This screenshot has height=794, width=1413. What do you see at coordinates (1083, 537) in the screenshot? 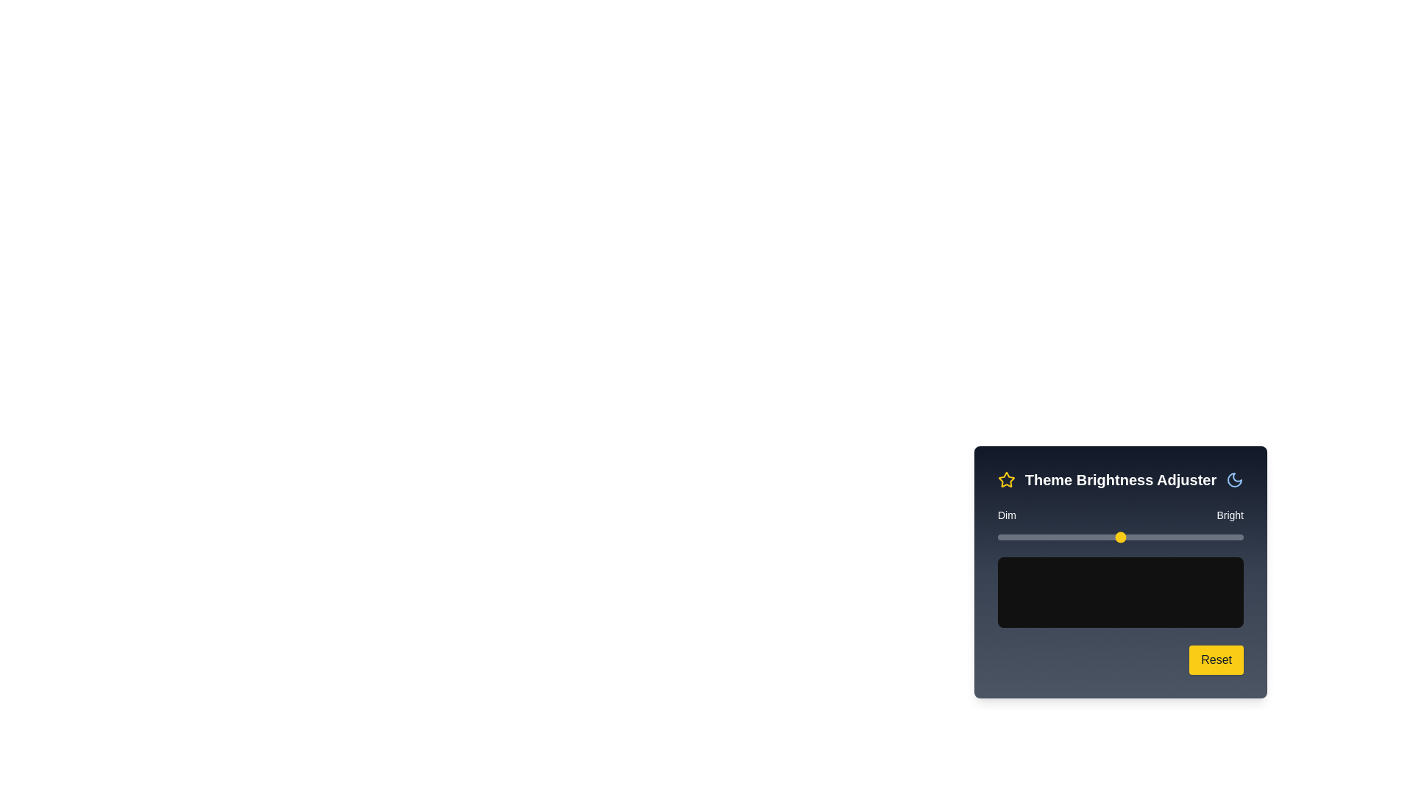
I see `the brightness slider to 35% and observe the preview area` at bounding box center [1083, 537].